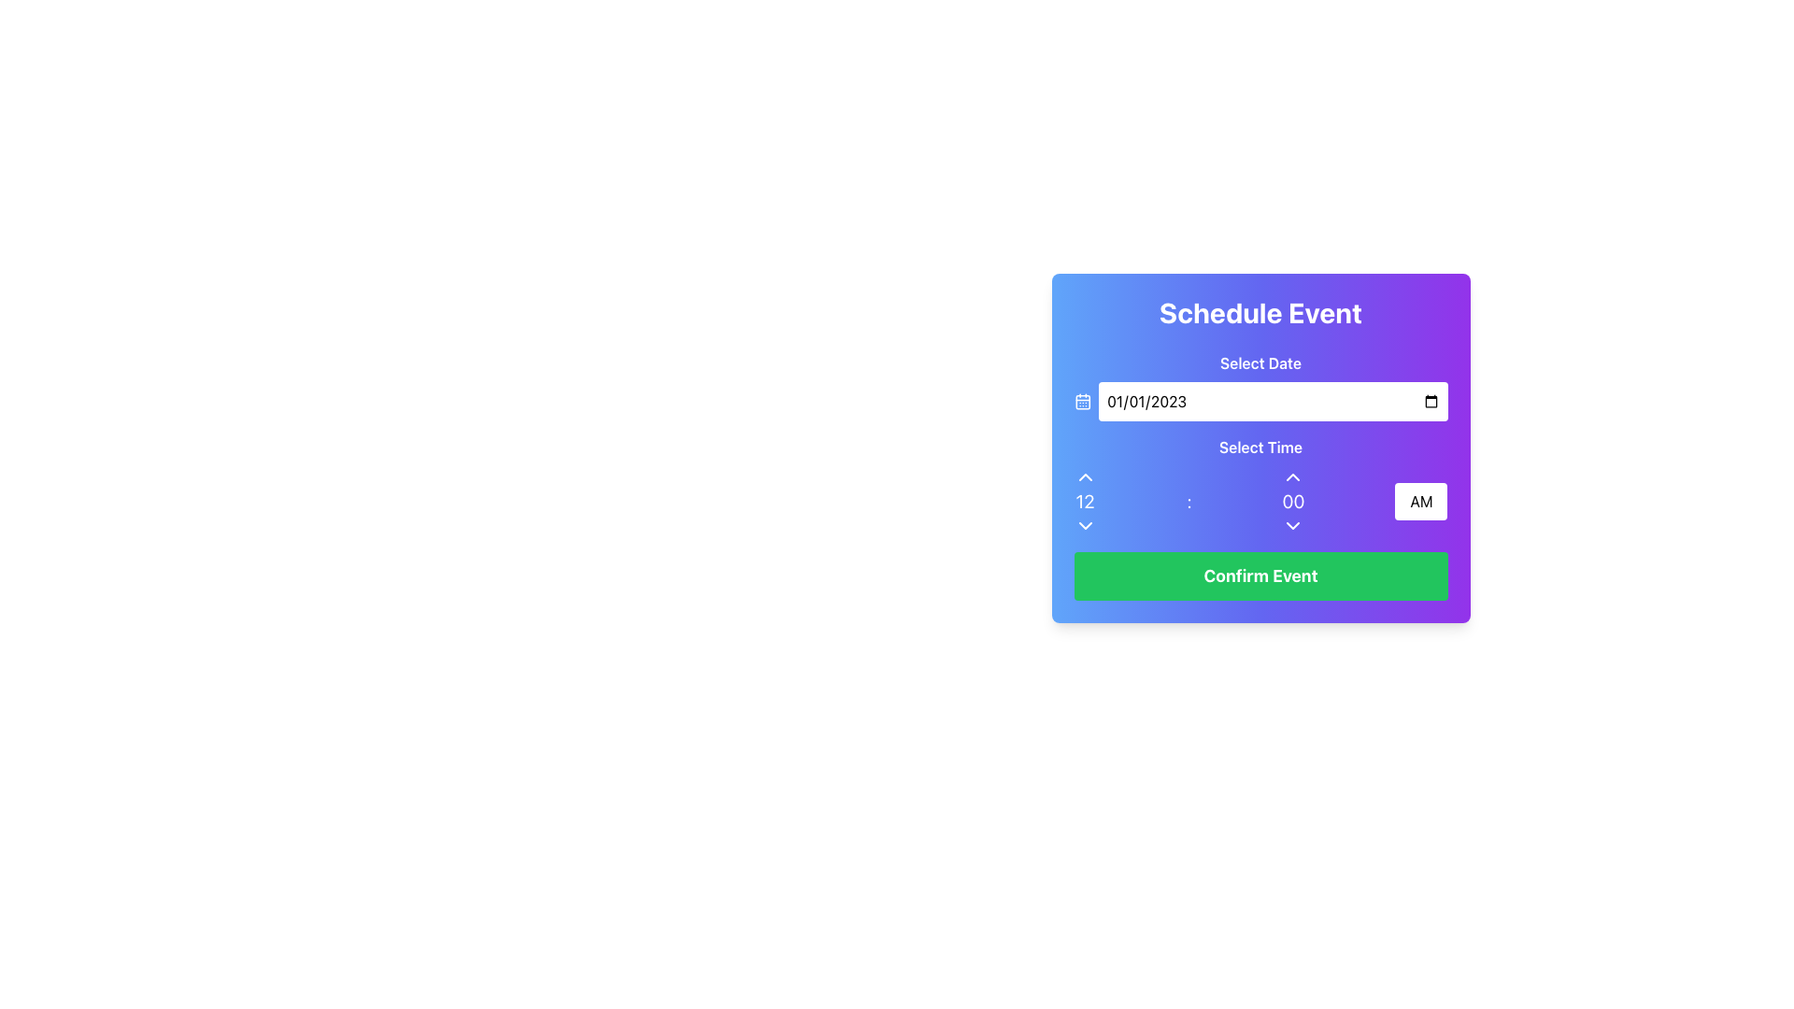 Image resolution: width=1794 pixels, height=1009 pixels. What do you see at coordinates (1292, 526) in the screenshot?
I see `the chevron icon located below the numeric '00' field in the 'Select Time' section of the 'Schedule Event' interface` at bounding box center [1292, 526].